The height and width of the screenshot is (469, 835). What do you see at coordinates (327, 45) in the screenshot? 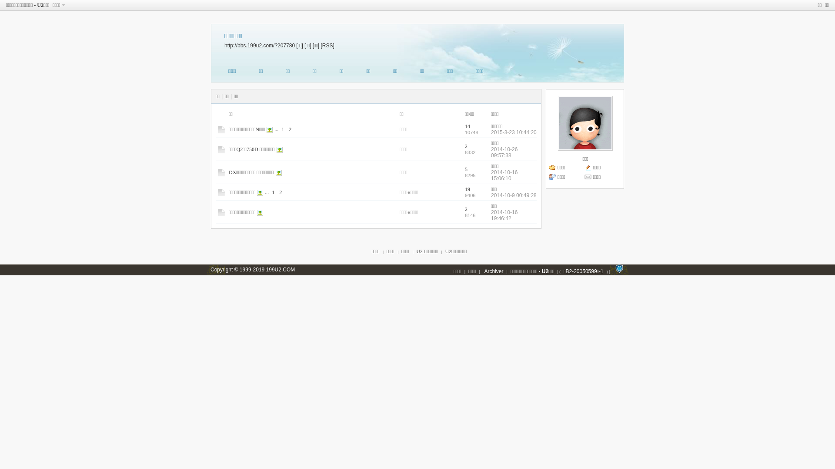
I see `'[RSS]'` at bounding box center [327, 45].